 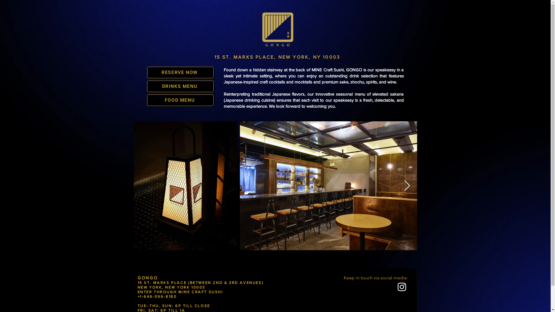 What do you see at coordinates (180, 86) in the screenshot?
I see `'DRINKS MENU'` at bounding box center [180, 86].